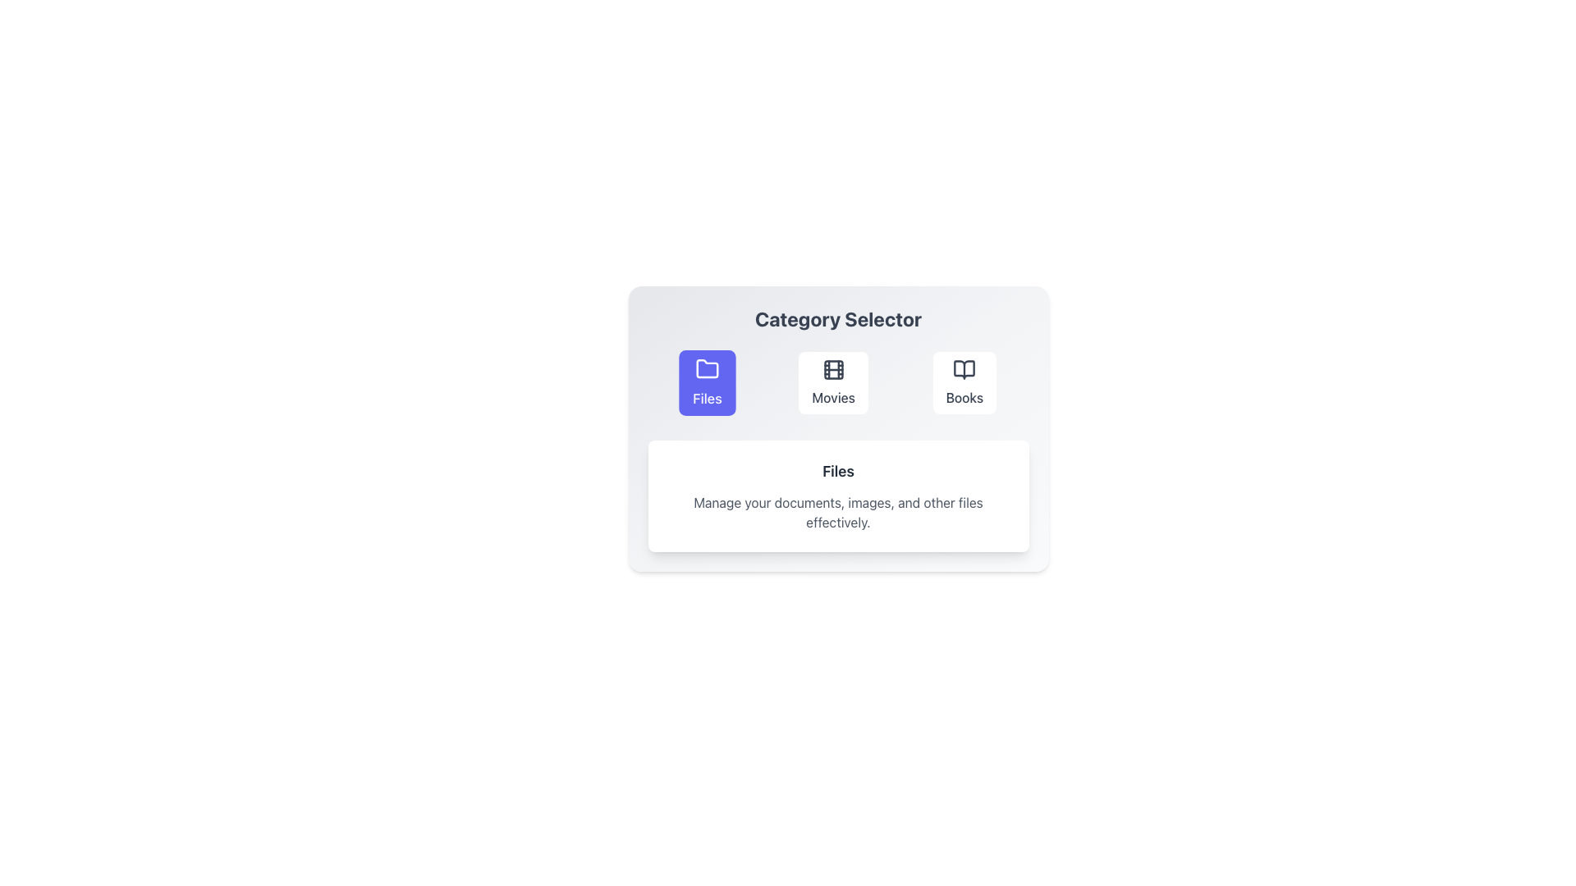  What do you see at coordinates (833, 370) in the screenshot?
I see `the film icon located in the center of the Movies category tile` at bounding box center [833, 370].